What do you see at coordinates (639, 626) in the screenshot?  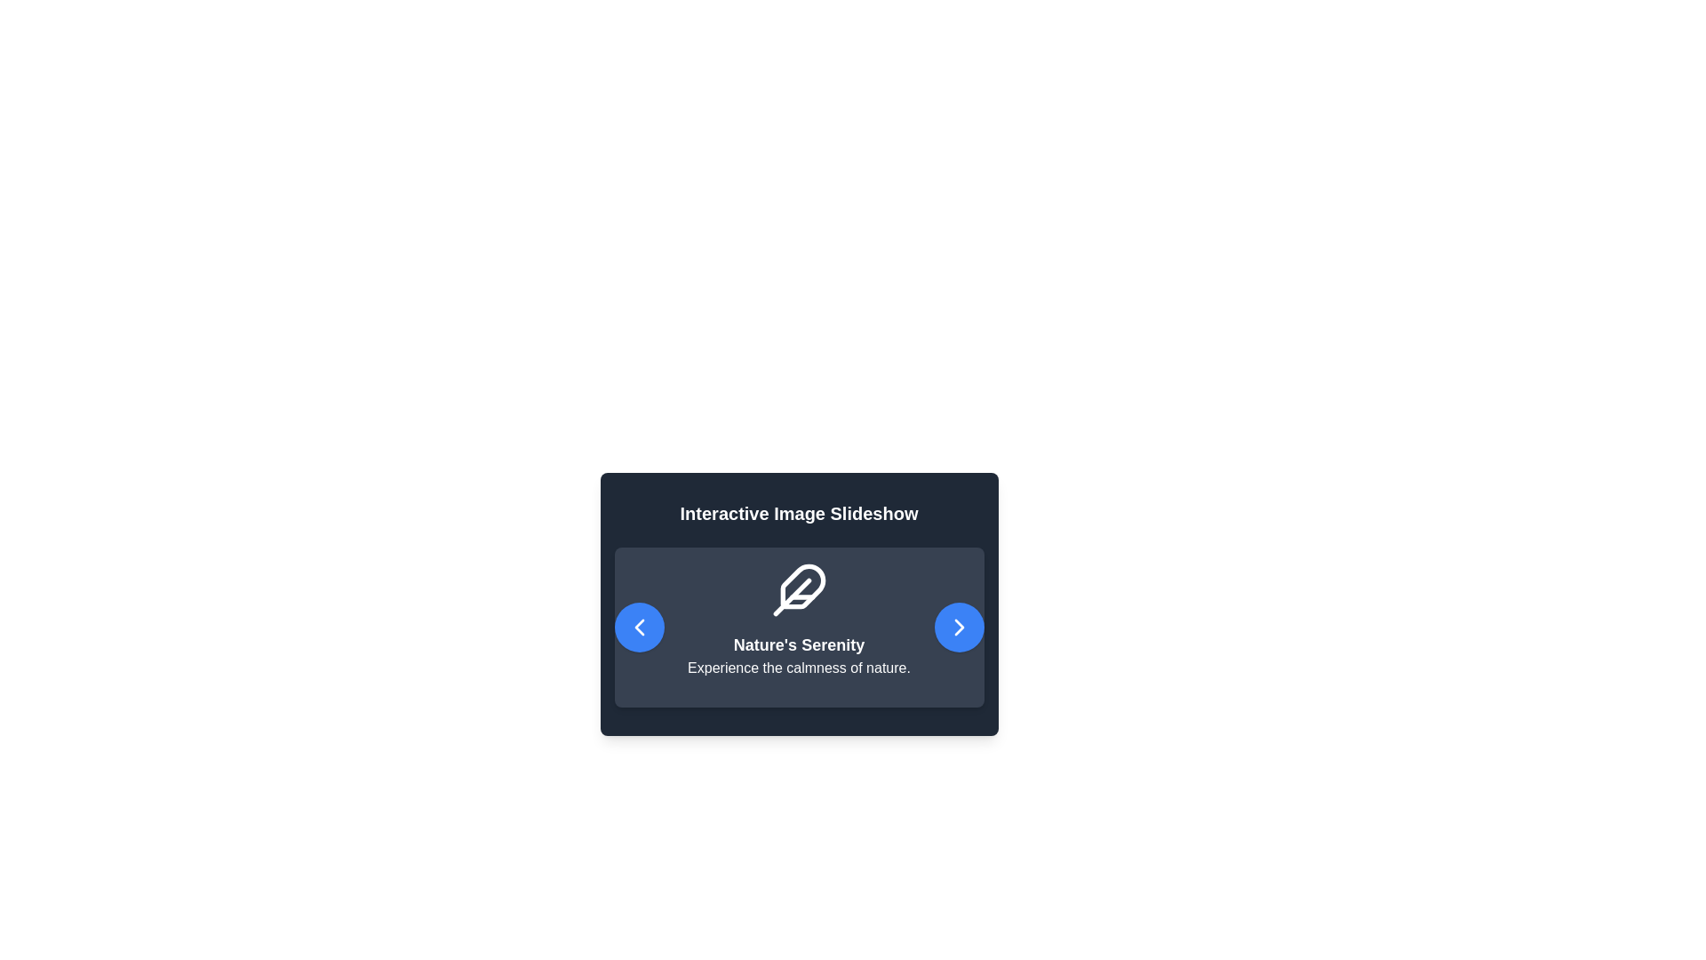 I see `the navigation button to the left of 'Nature's Serenity'` at bounding box center [639, 626].